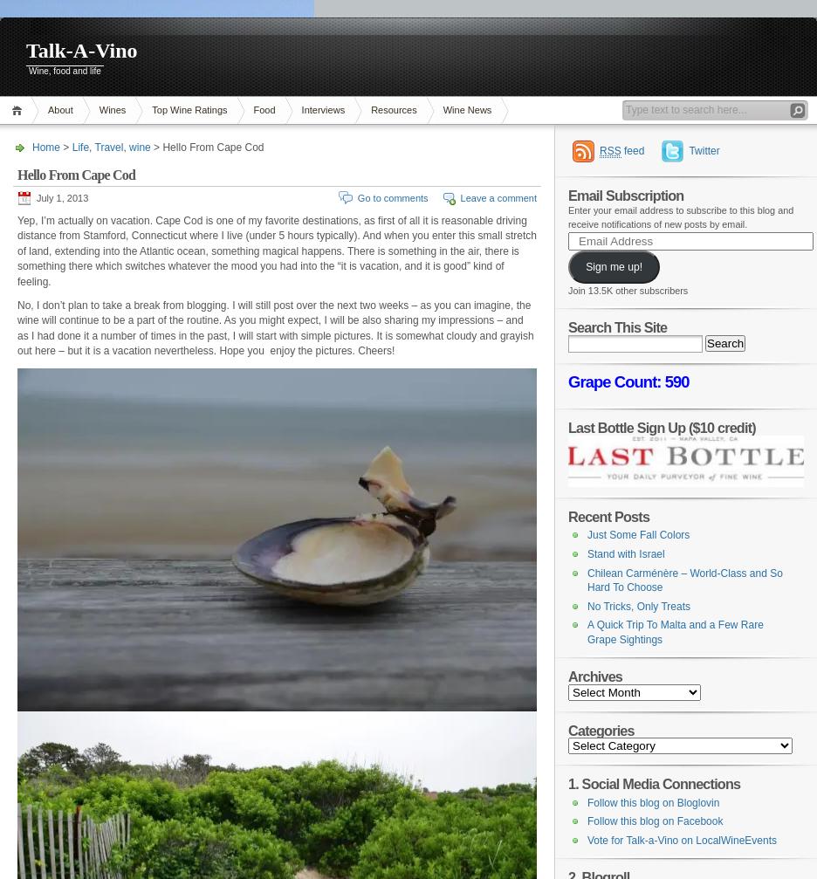  Describe the element at coordinates (680, 216) in the screenshot. I see `'Enter your email address to subscribe to this blog and receive notifications of new posts by email.'` at that location.